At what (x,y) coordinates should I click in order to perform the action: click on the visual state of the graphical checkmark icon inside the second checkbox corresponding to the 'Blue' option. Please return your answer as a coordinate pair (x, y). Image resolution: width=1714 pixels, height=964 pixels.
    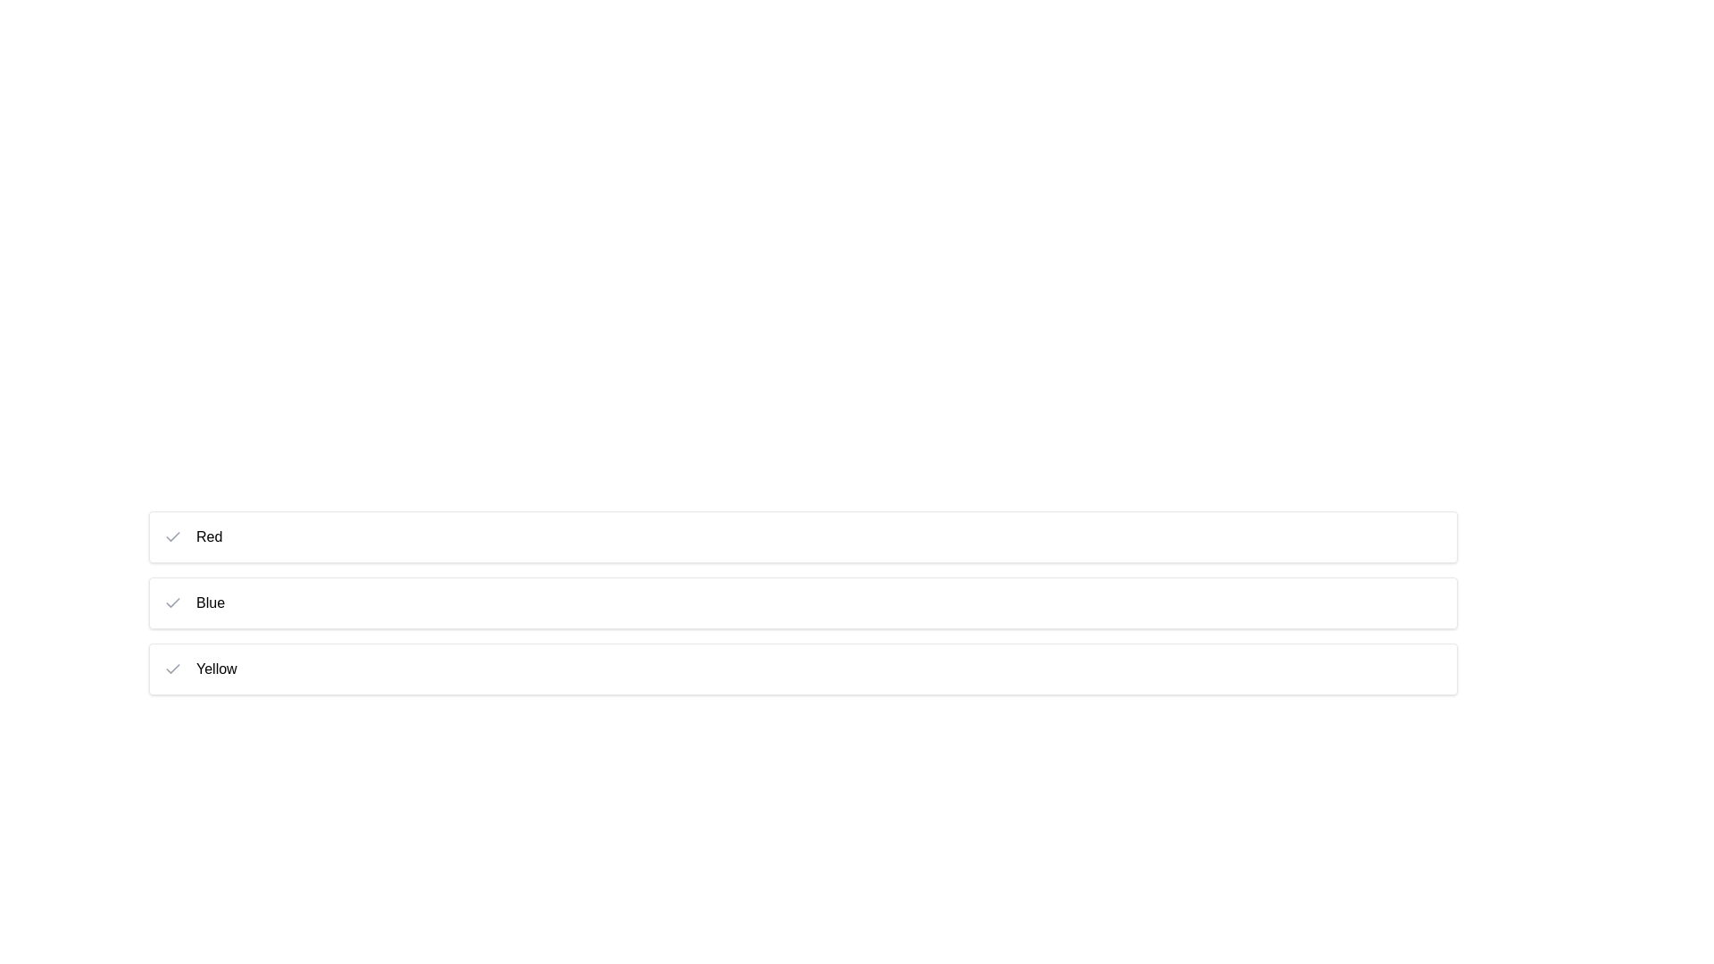
    Looking at the image, I should click on (172, 602).